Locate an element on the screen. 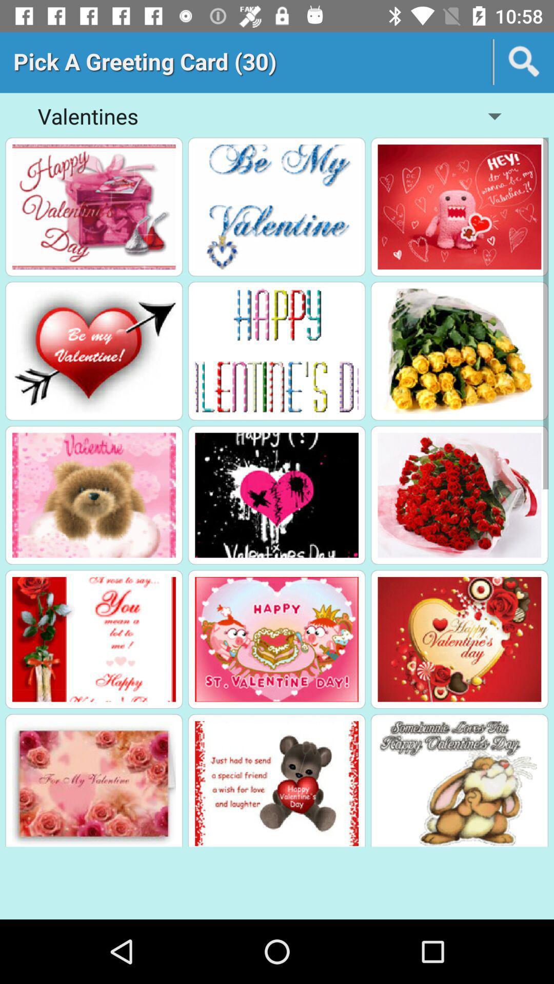  click the image is located at coordinates (459, 351).